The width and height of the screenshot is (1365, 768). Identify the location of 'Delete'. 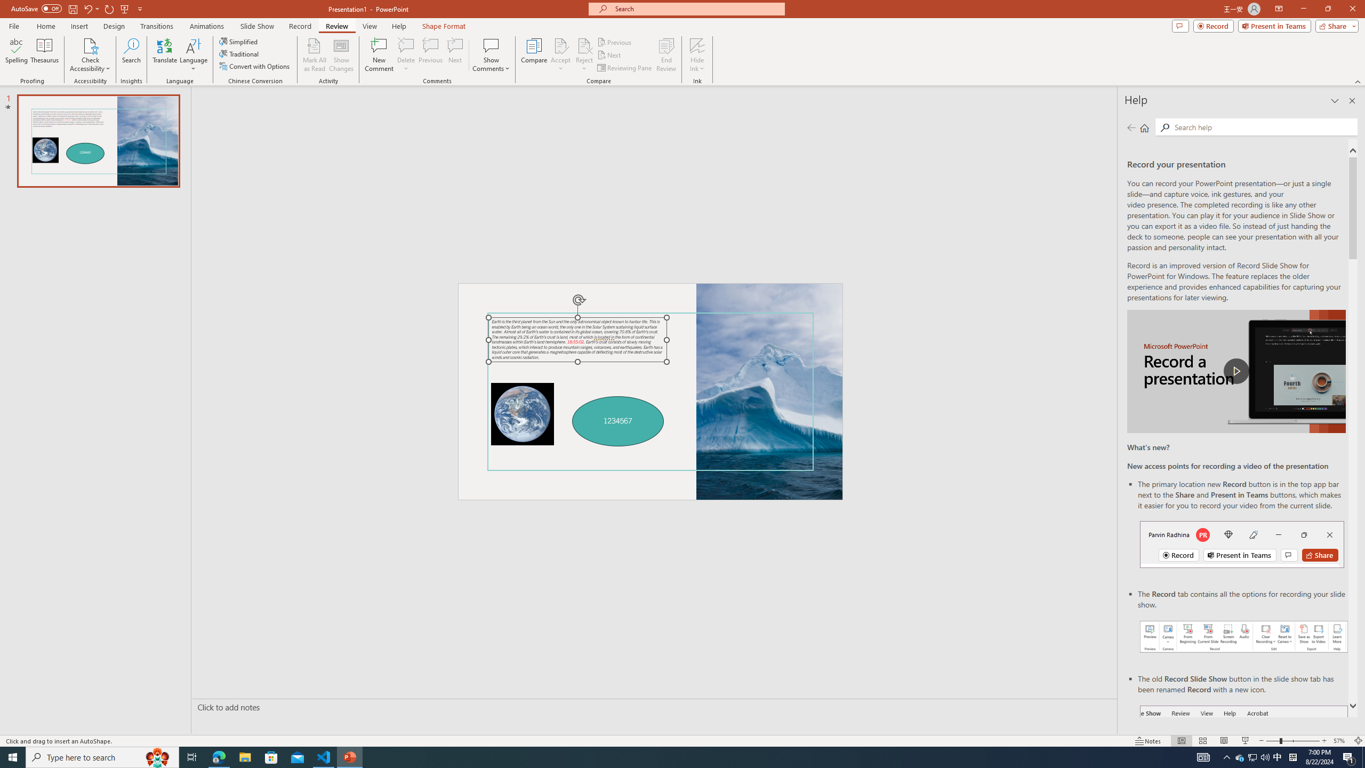
(406, 45).